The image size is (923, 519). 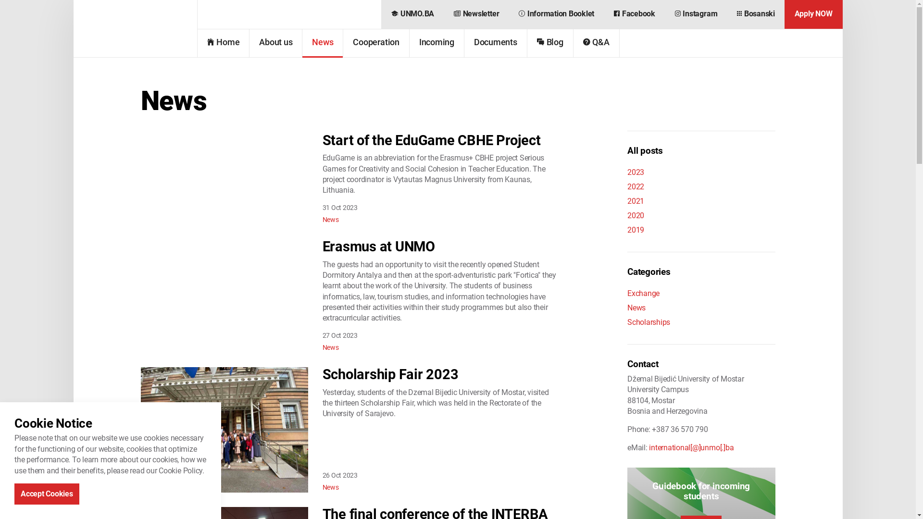 I want to click on 'Facebook', so click(x=635, y=14).